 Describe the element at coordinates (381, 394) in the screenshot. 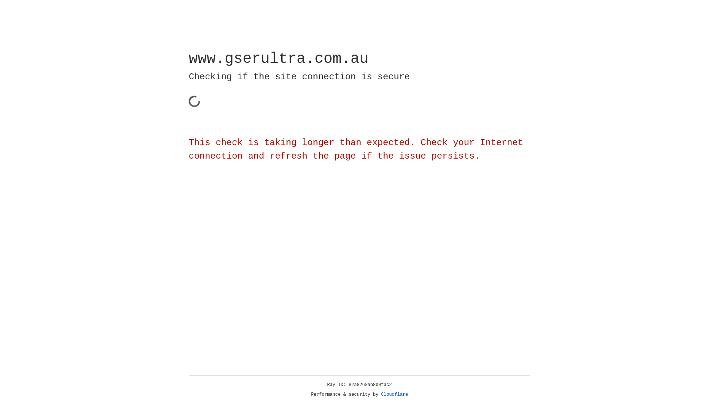

I see `'Cloudflare'` at that location.